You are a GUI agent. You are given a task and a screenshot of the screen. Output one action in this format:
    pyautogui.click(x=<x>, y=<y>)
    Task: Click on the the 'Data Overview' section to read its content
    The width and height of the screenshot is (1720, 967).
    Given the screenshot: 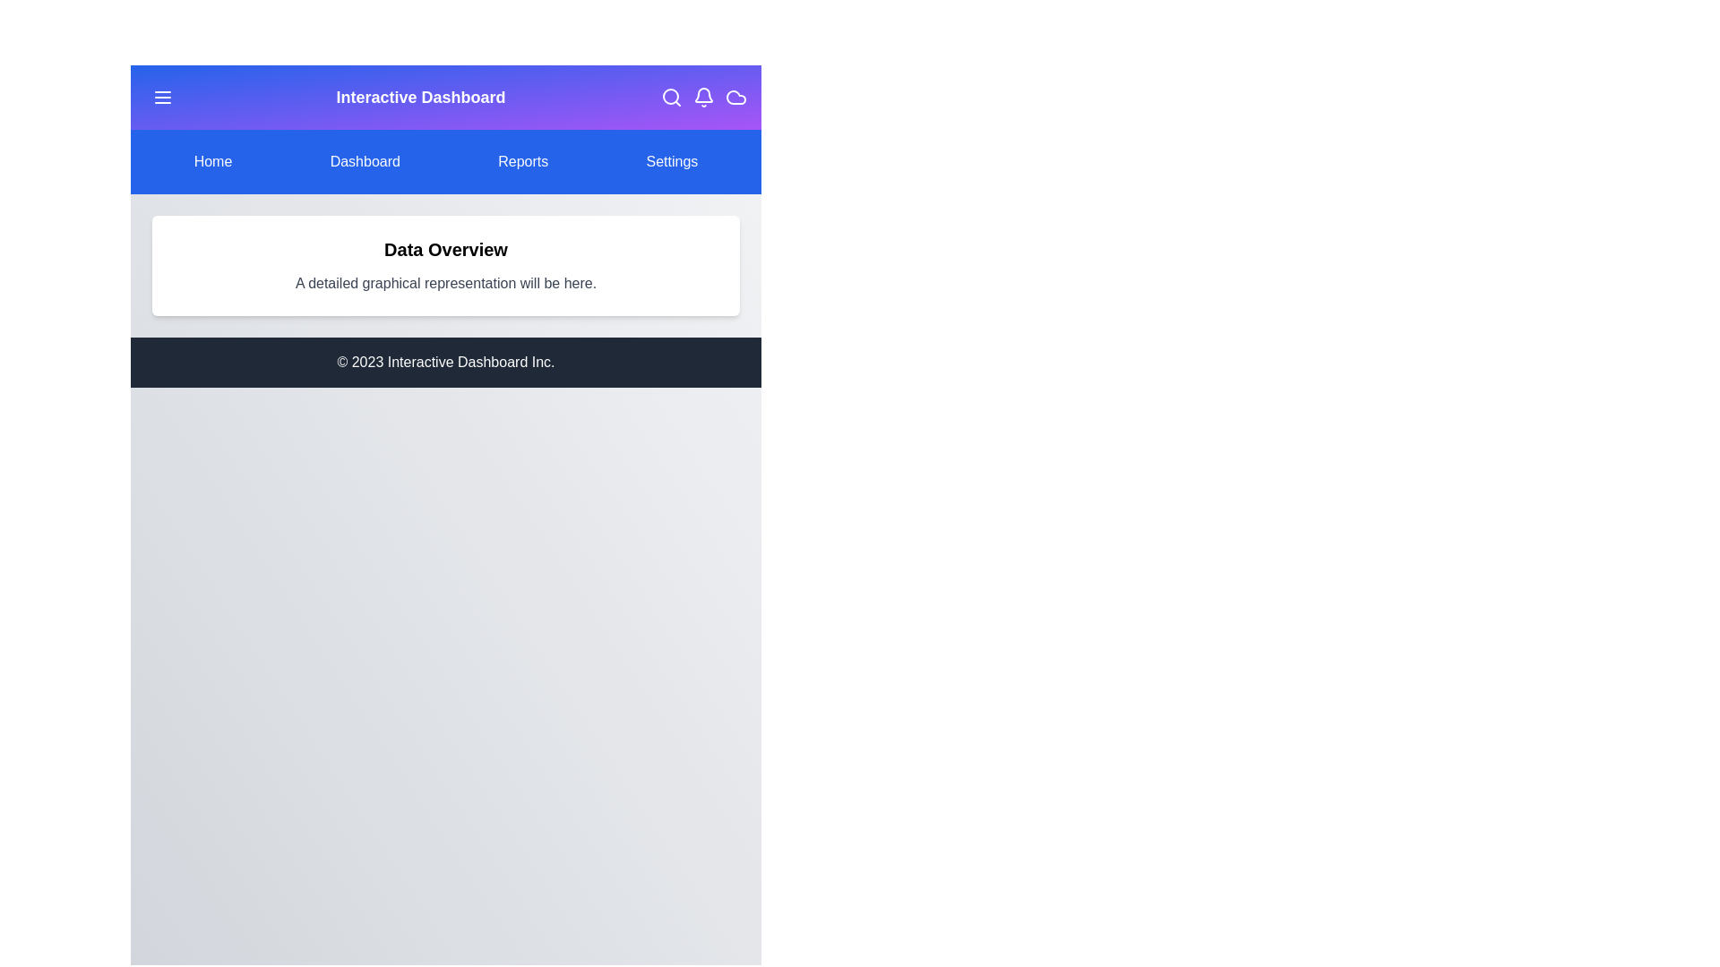 What is the action you would take?
    pyautogui.click(x=446, y=266)
    